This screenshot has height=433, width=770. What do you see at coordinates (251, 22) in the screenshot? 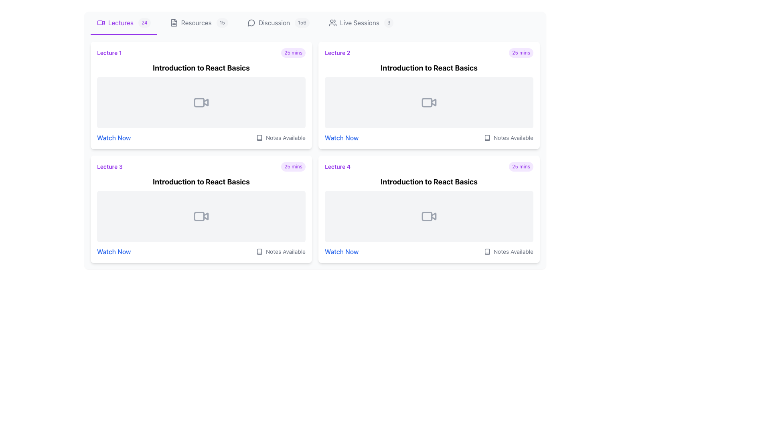
I see `the Message/Discussion icon located in the header section, positioned to the right of the 'Discussion' tab, which serves as an indicator for messages or notifications` at bounding box center [251, 22].